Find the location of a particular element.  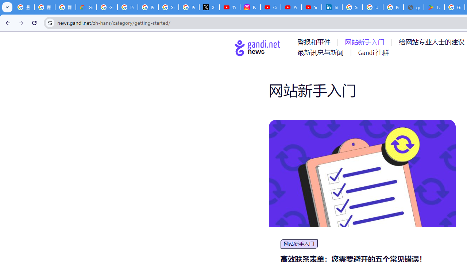

'Google Cloud Privacy Notice' is located at coordinates (86, 7).